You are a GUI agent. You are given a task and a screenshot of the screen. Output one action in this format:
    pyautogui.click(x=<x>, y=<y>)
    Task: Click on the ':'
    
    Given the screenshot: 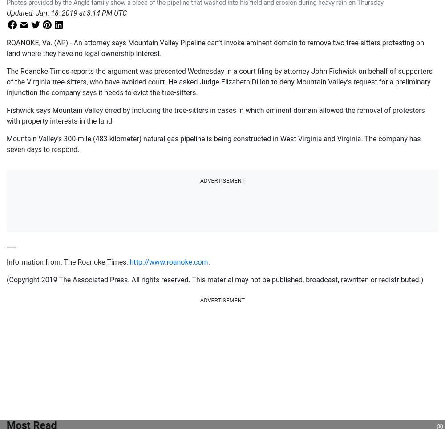 What is the action you would take?
    pyautogui.click(x=33, y=12)
    